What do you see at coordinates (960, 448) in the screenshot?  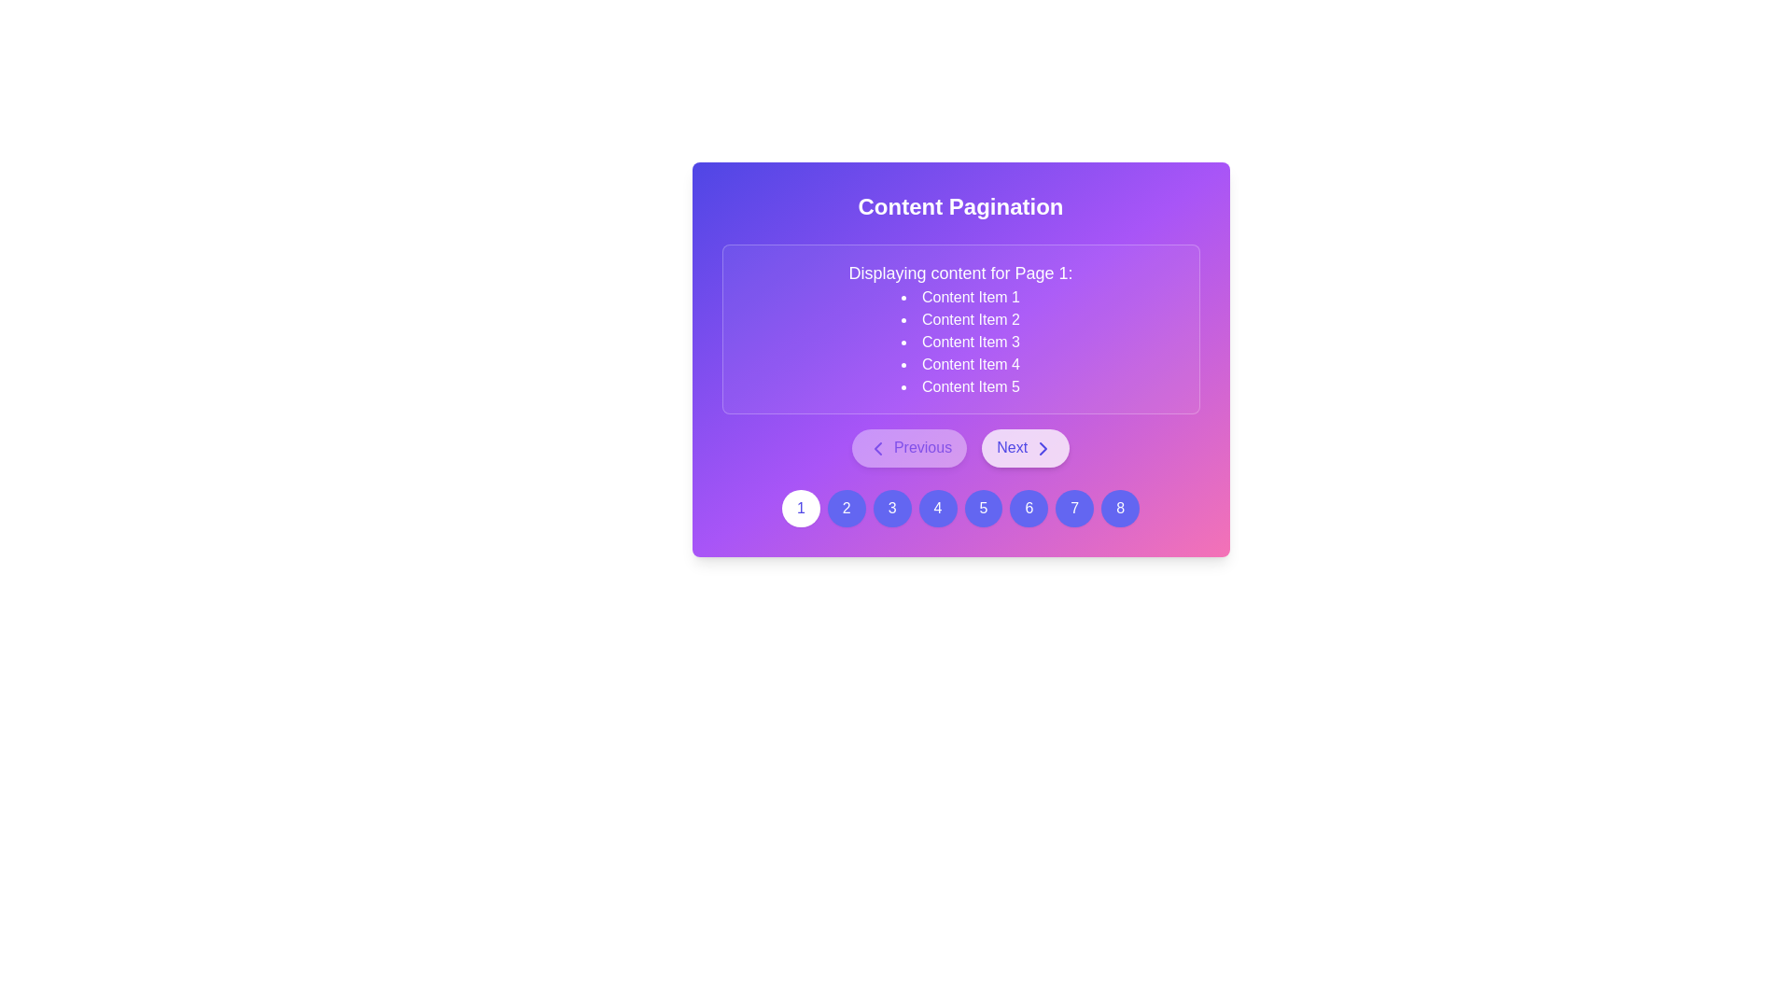 I see `the 'Next' button in the button group located at the bottom-center of the content pagination` at bounding box center [960, 448].